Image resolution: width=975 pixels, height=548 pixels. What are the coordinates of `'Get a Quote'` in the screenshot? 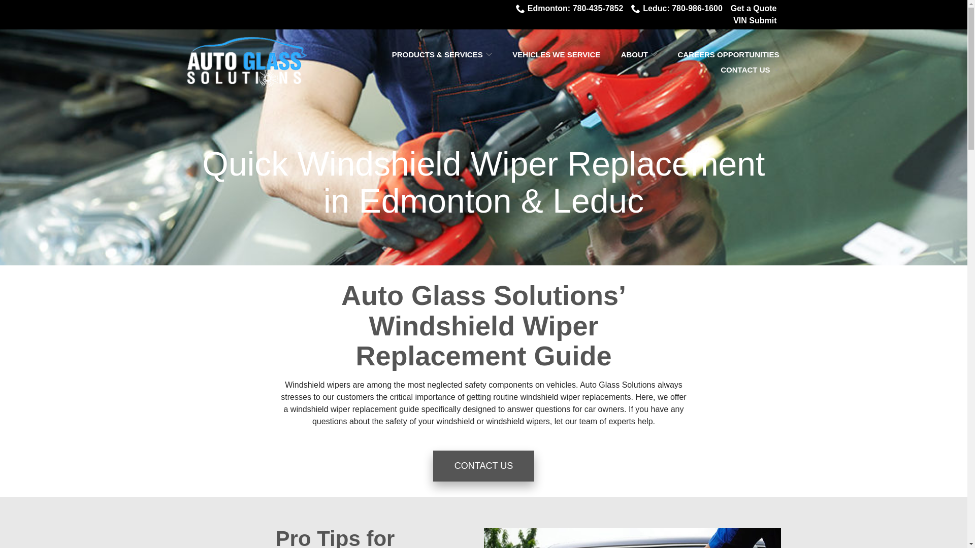 It's located at (754, 8).